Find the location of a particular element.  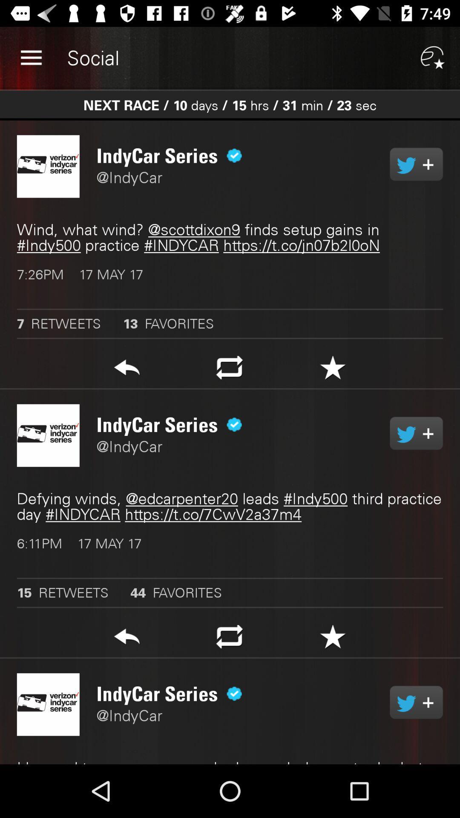

the defying winds edcarpenter20 item is located at coordinates (230, 507).